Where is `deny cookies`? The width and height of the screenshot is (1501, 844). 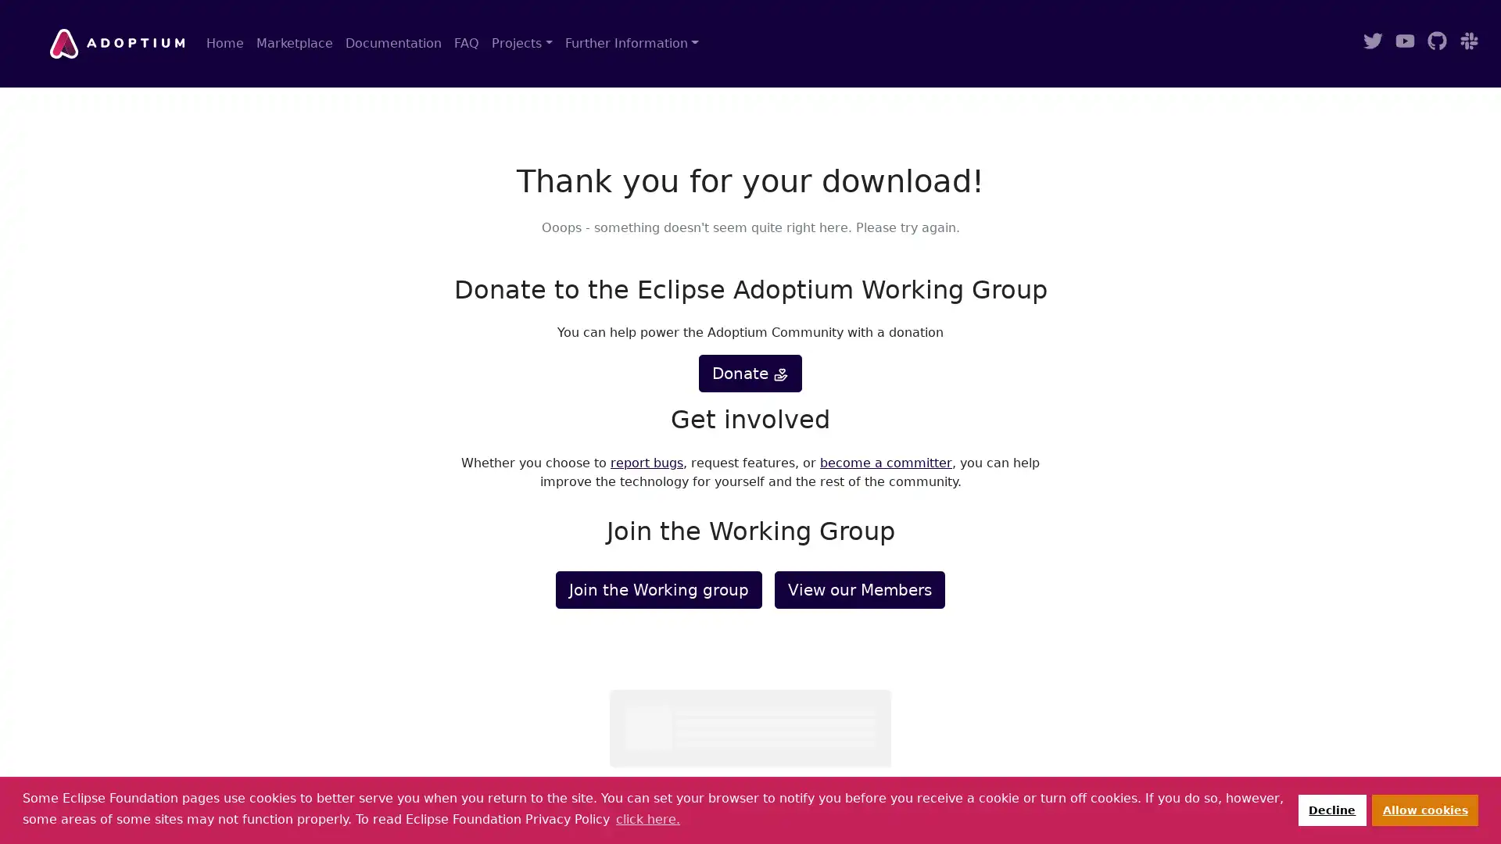 deny cookies is located at coordinates (1331, 809).